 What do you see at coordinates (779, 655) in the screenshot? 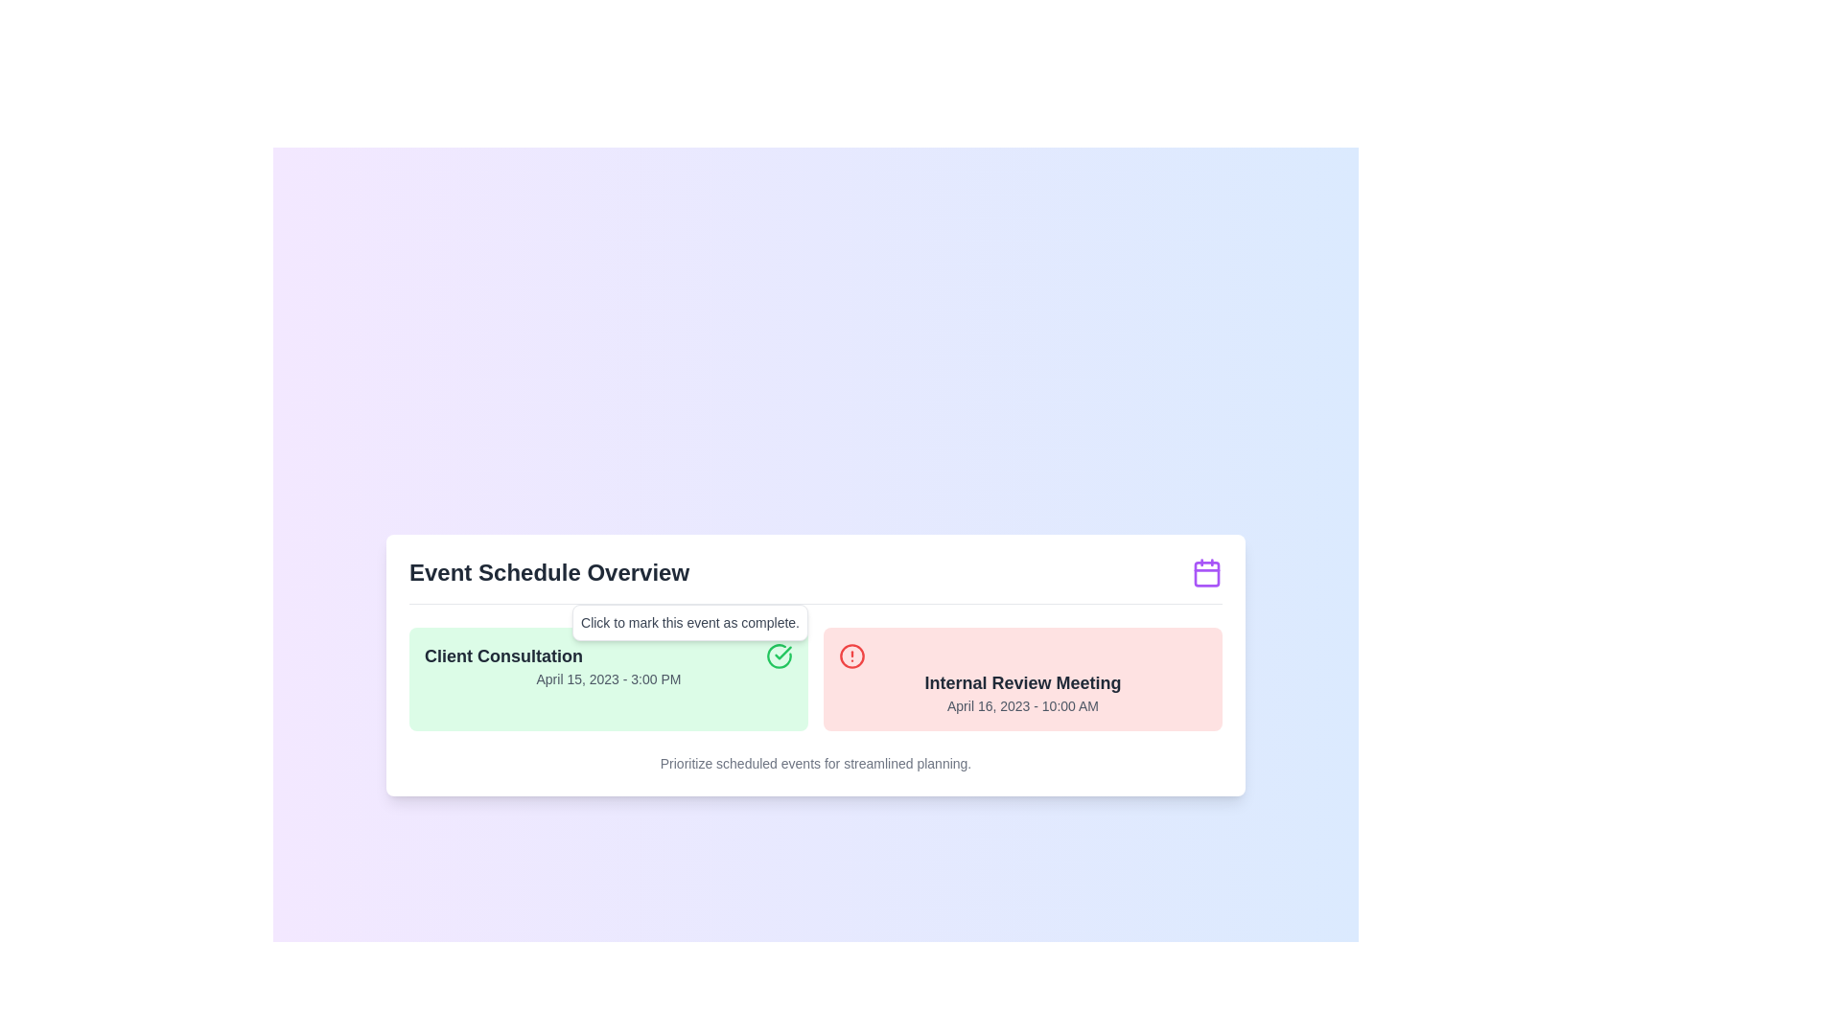
I see `the green circular check mark icon located at the far right of the 'Client Consultation' block to mark or unmark the event as complete` at bounding box center [779, 655].